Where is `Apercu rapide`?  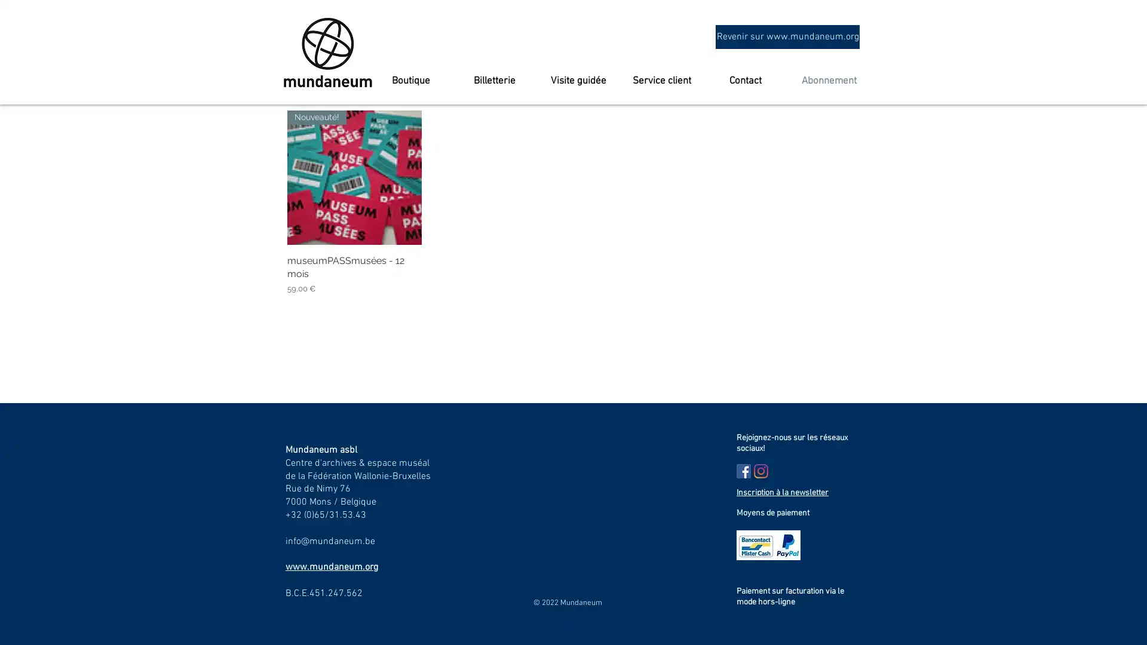
Apercu rapide is located at coordinates (354, 259).